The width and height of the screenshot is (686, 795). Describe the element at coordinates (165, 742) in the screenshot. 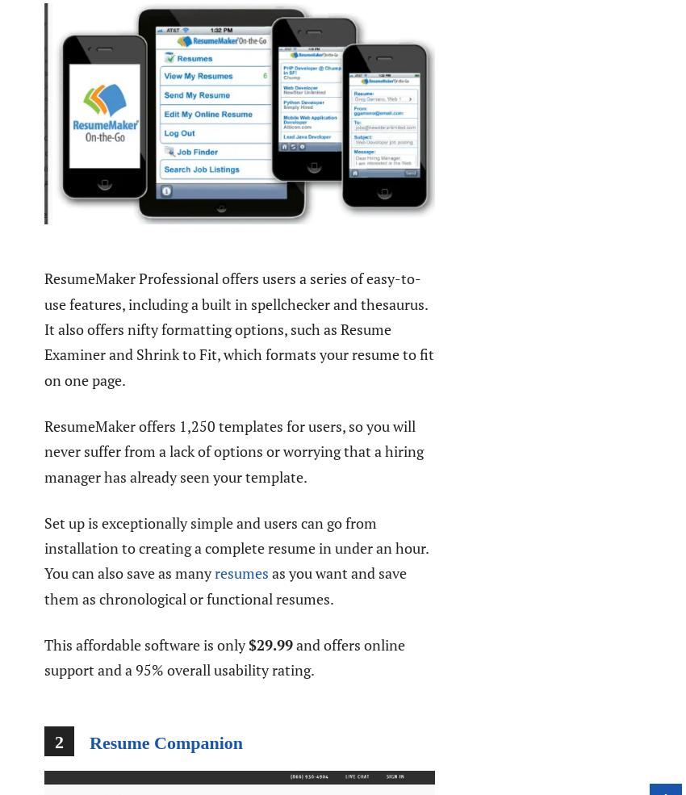

I see `'Resume Companion'` at that location.